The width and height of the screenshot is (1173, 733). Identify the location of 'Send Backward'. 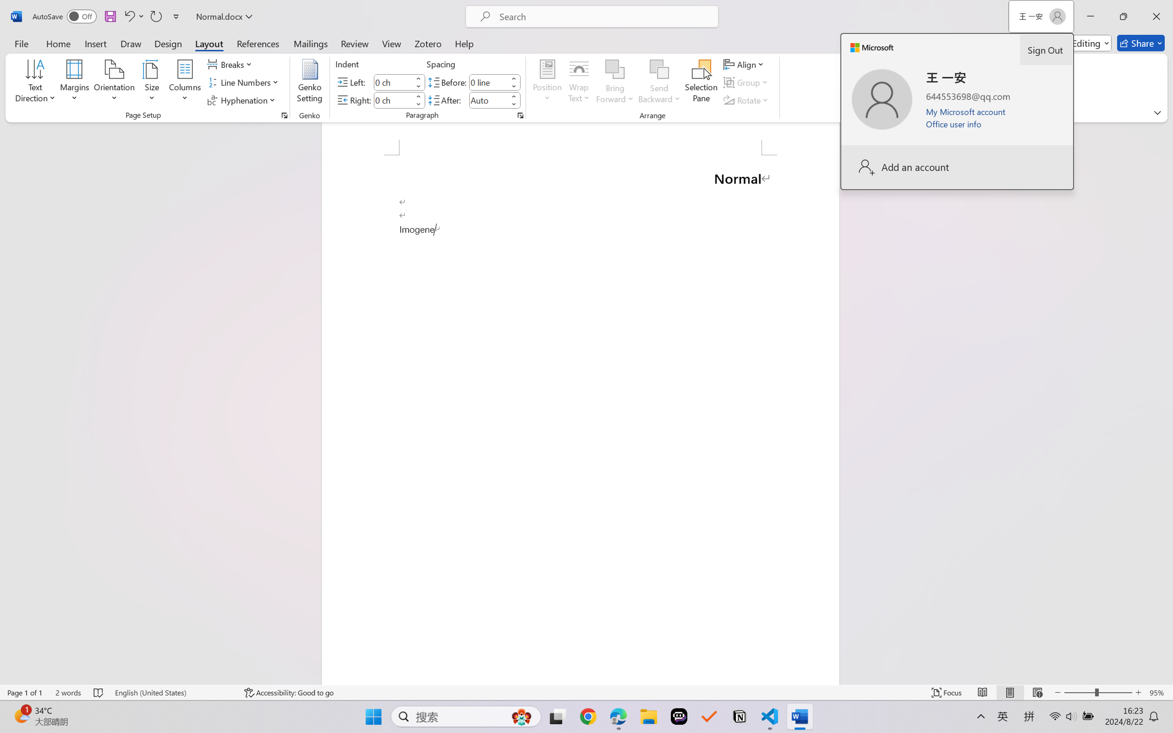
(659, 82).